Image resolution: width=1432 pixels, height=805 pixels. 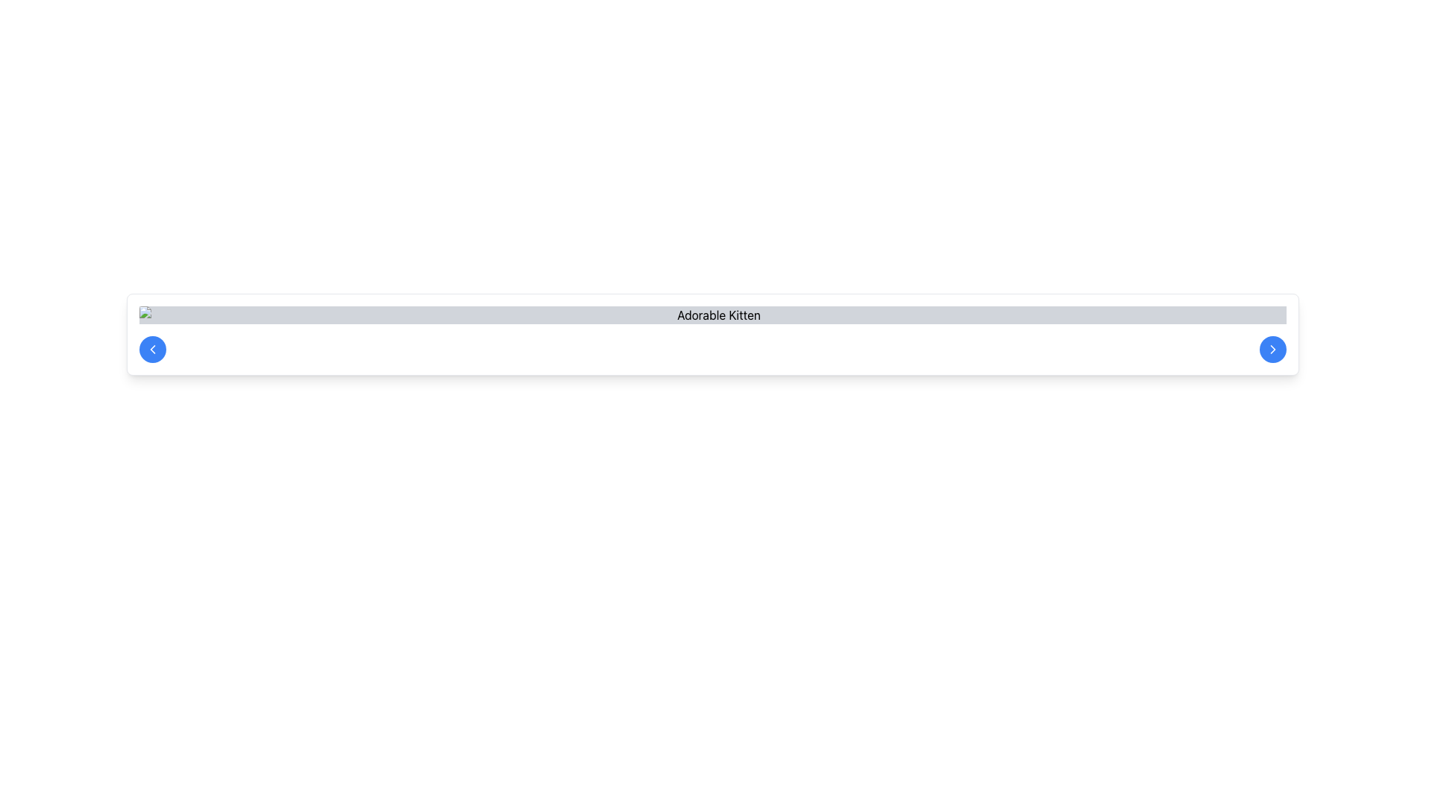 I want to click on the left-pointing chevron icon, which is positioned adjacent to the text 'Adorable Kitten', so click(x=153, y=350).